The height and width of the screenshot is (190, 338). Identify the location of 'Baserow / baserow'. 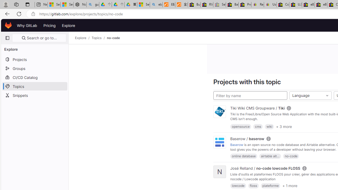
(247, 138).